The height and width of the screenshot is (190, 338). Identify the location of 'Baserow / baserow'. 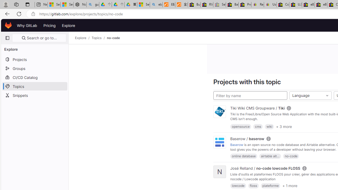
(247, 138).